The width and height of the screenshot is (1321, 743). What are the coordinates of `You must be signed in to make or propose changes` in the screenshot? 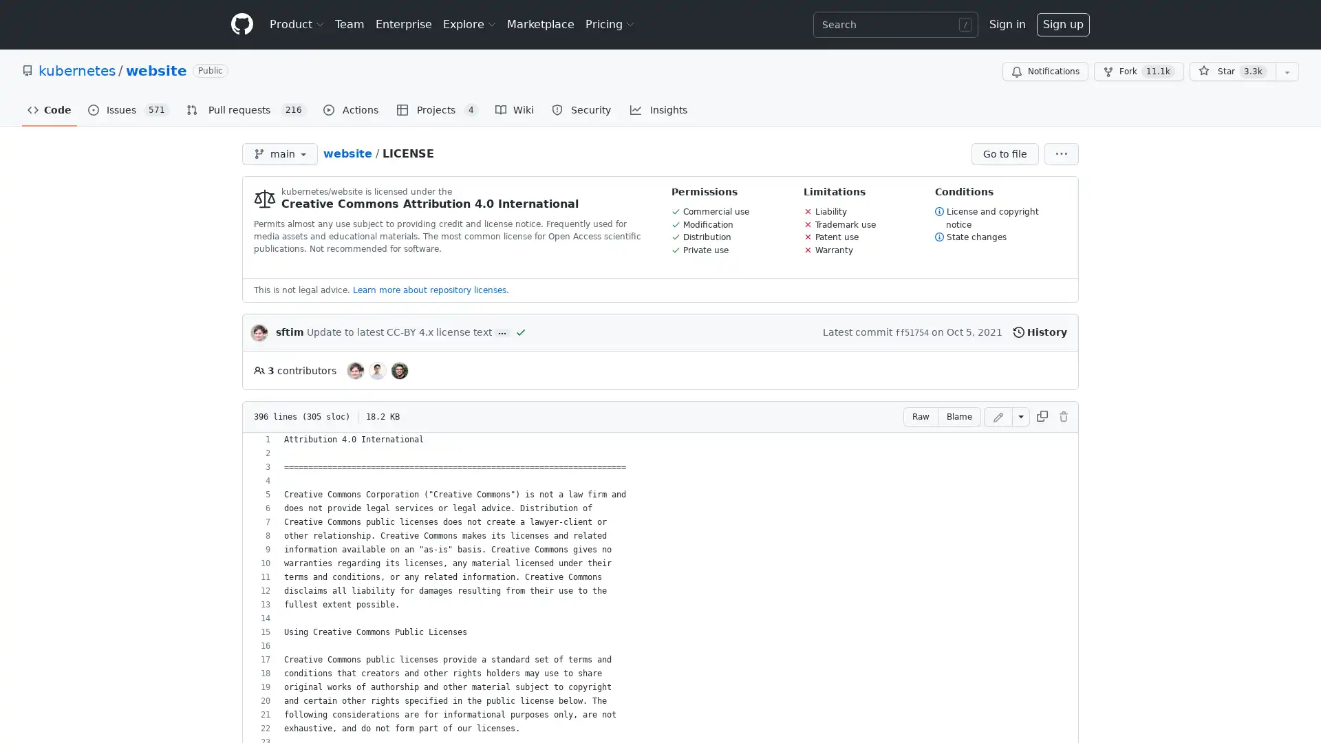 It's located at (998, 416).